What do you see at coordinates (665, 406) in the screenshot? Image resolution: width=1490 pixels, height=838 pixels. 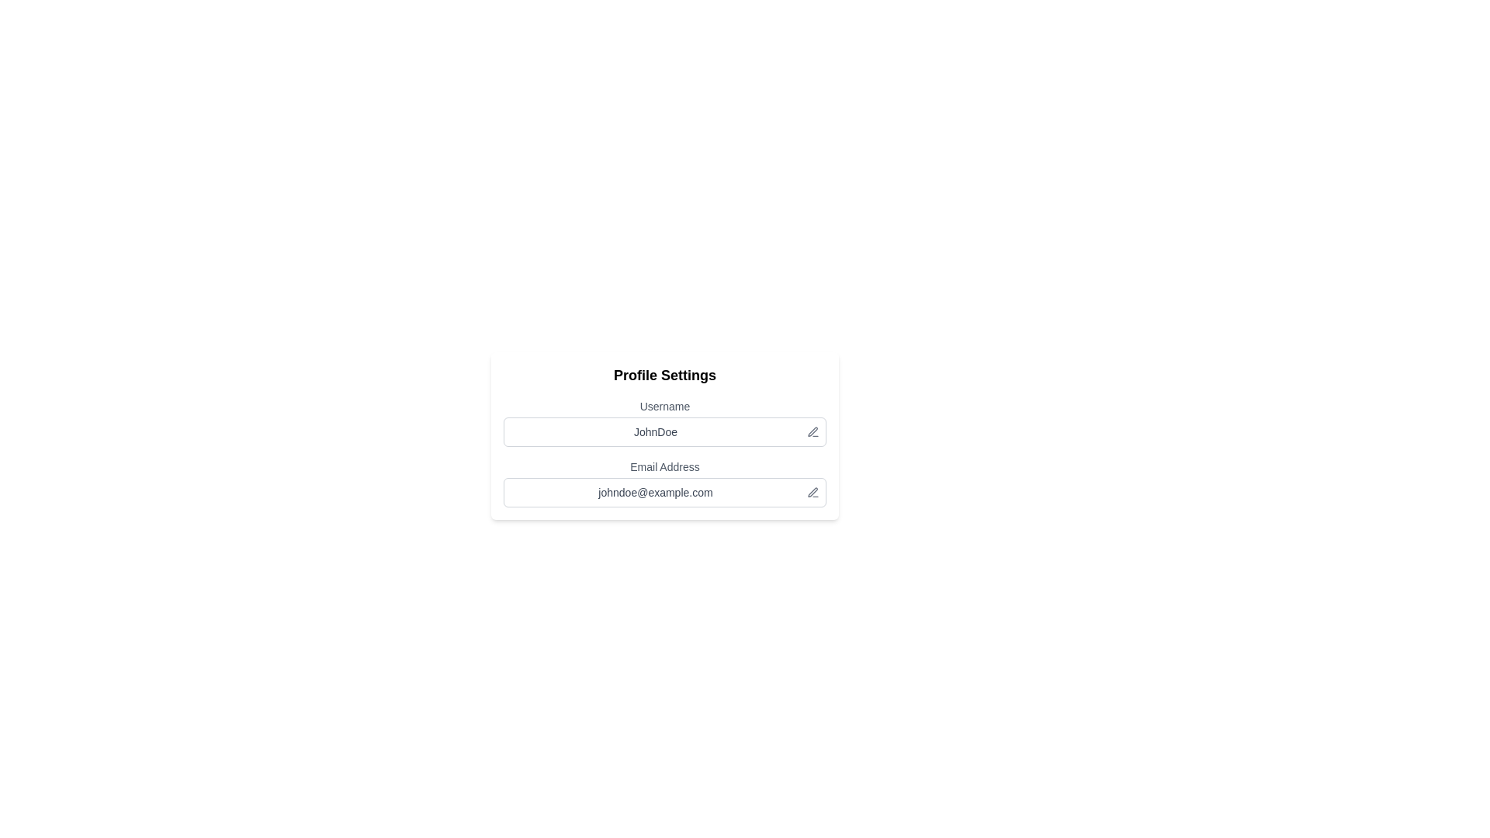 I see `the label that describes the username field, which is positioned above the 'JohnDoe' username display` at bounding box center [665, 406].